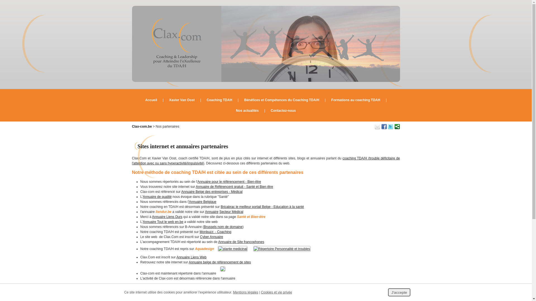 Image resolution: width=536 pixels, height=301 pixels. What do you see at coordinates (142, 127) in the screenshot?
I see `'Clax-com.be'` at bounding box center [142, 127].